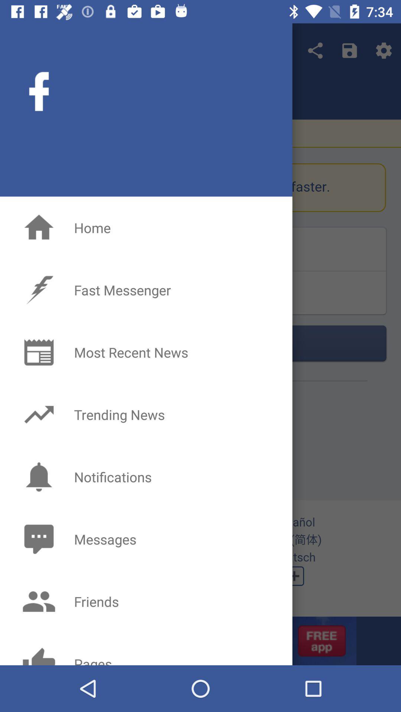  What do you see at coordinates (39, 414) in the screenshot?
I see `the symbol which is to the immediate left of trending news` at bounding box center [39, 414].